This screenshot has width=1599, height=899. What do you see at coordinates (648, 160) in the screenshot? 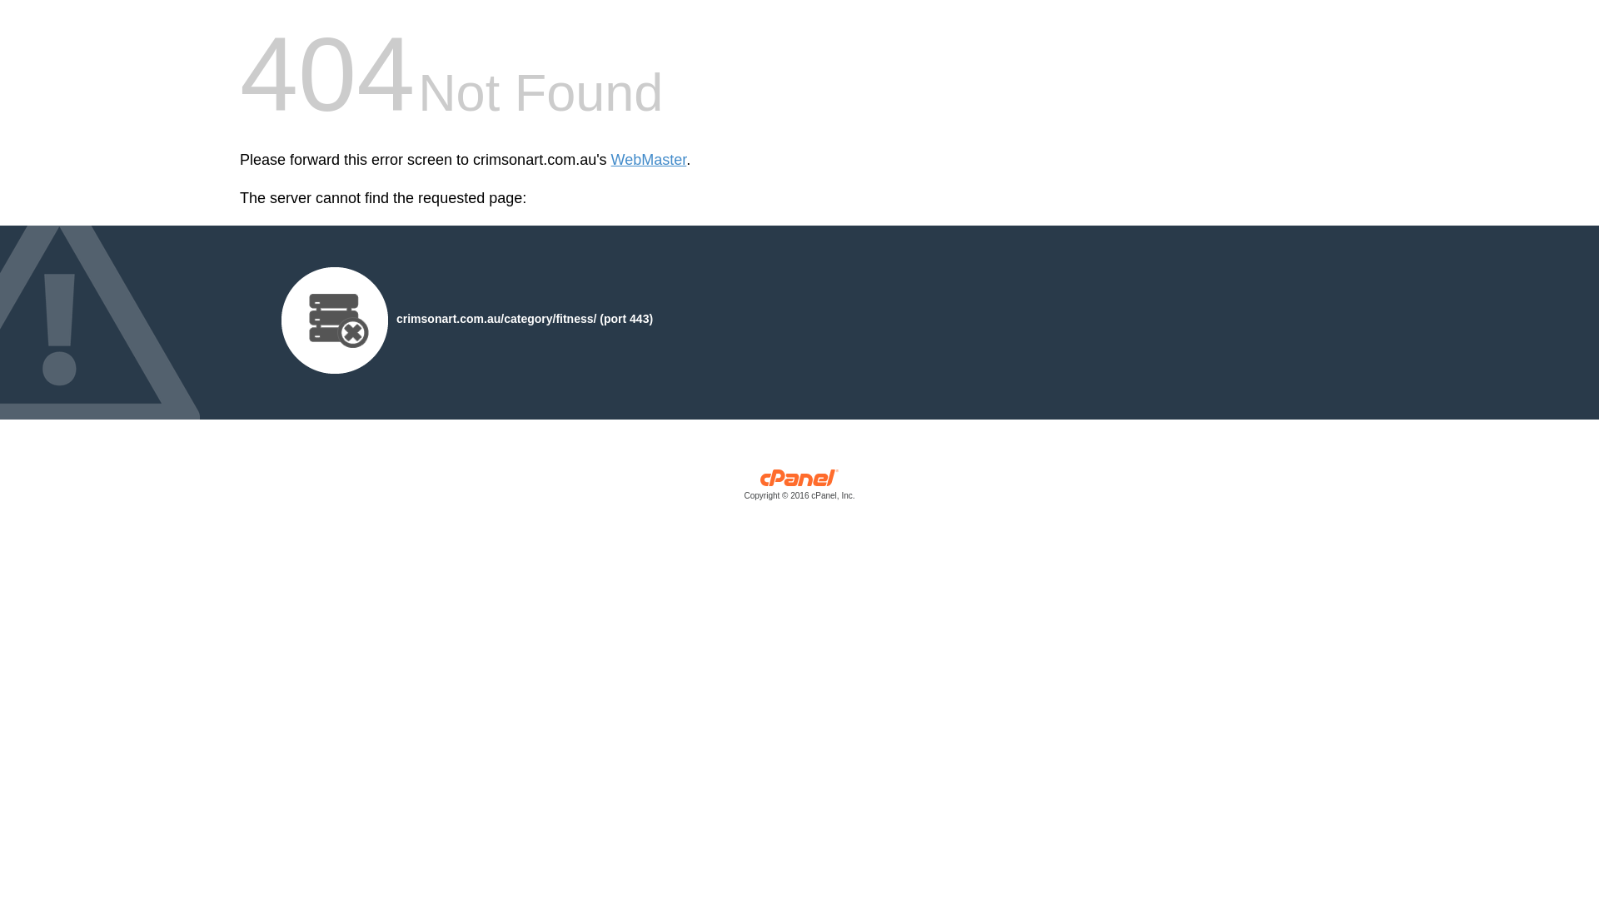
I see `'WebMaster'` at bounding box center [648, 160].